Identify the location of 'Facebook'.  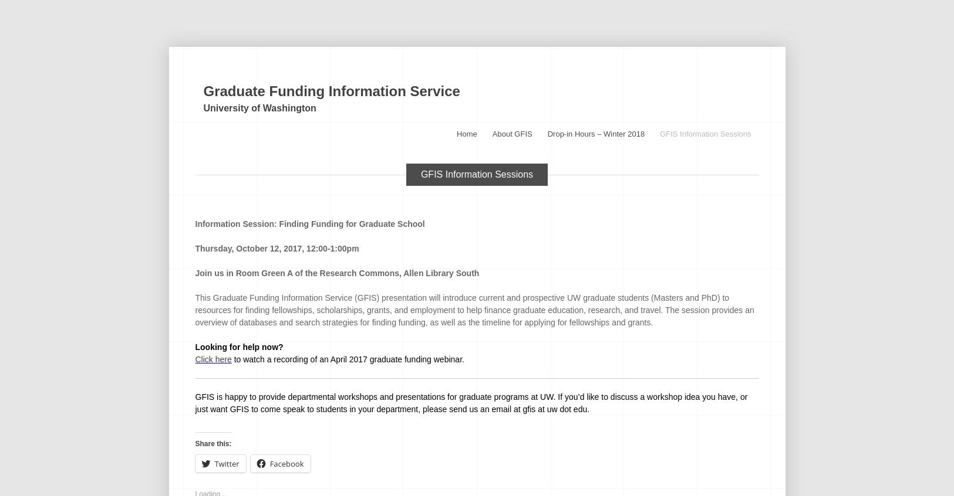
(285, 464).